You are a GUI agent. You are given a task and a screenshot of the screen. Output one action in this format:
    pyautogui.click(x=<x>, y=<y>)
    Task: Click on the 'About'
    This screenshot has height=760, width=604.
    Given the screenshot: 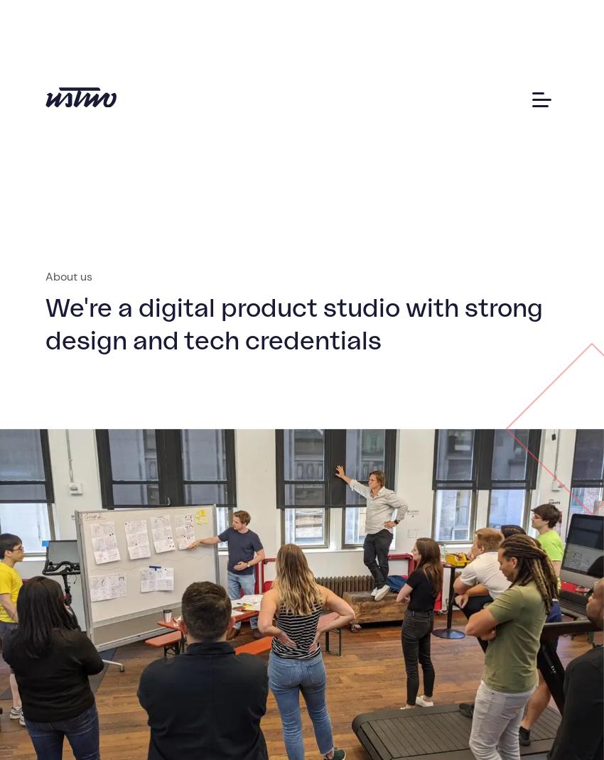 What is the action you would take?
    pyautogui.click(x=44, y=105)
    